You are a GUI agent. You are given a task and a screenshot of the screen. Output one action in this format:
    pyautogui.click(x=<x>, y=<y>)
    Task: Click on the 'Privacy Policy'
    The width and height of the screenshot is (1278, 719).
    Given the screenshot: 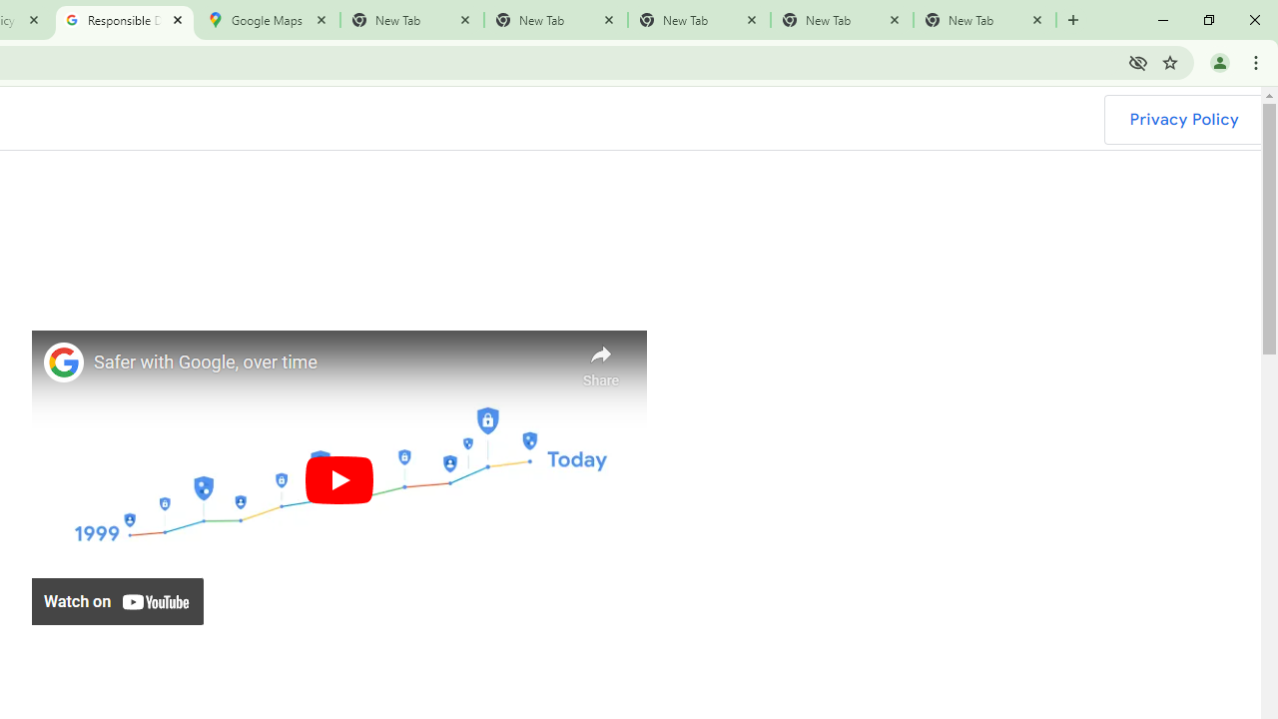 What is the action you would take?
    pyautogui.click(x=1183, y=119)
    